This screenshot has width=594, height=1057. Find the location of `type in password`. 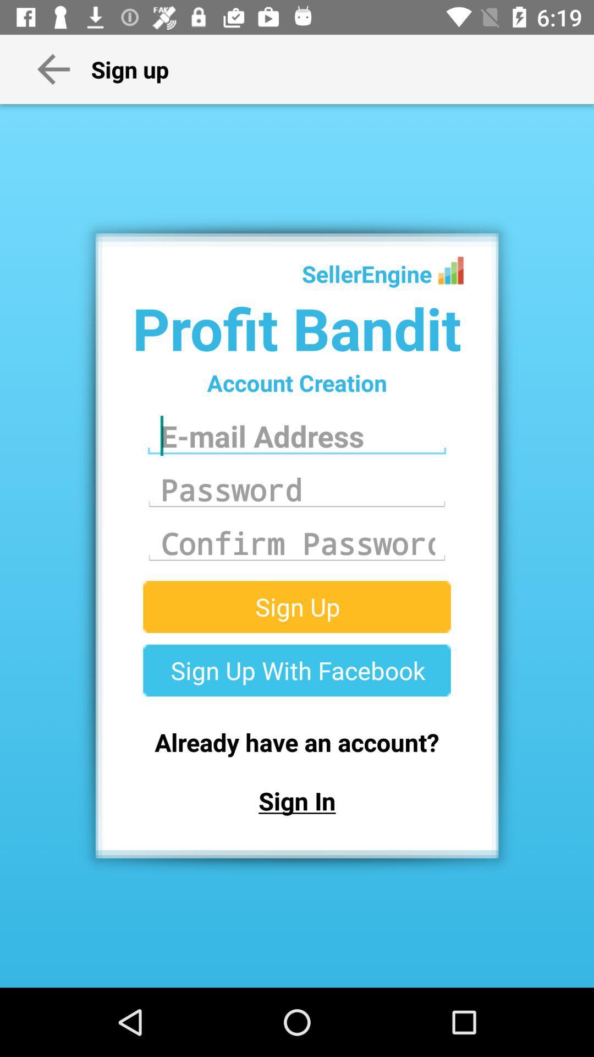

type in password is located at coordinates (297, 489).